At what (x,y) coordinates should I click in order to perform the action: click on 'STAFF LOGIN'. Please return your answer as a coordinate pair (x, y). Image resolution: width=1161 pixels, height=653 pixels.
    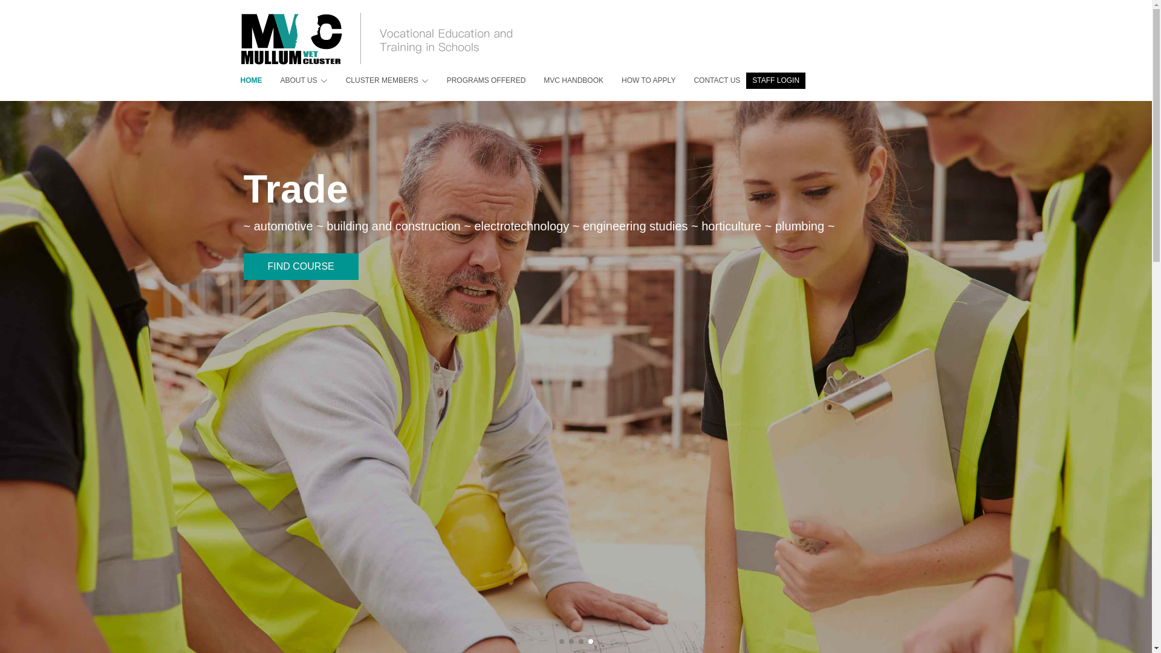
    Looking at the image, I should click on (775, 80).